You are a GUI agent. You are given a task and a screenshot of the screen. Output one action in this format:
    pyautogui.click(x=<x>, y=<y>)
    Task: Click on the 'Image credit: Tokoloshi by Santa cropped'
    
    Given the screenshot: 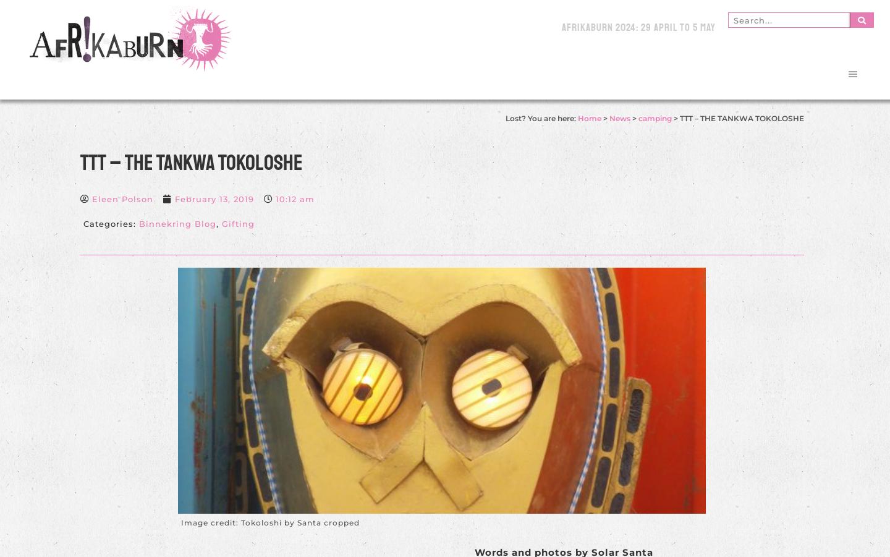 What is the action you would take?
    pyautogui.click(x=270, y=522)
    